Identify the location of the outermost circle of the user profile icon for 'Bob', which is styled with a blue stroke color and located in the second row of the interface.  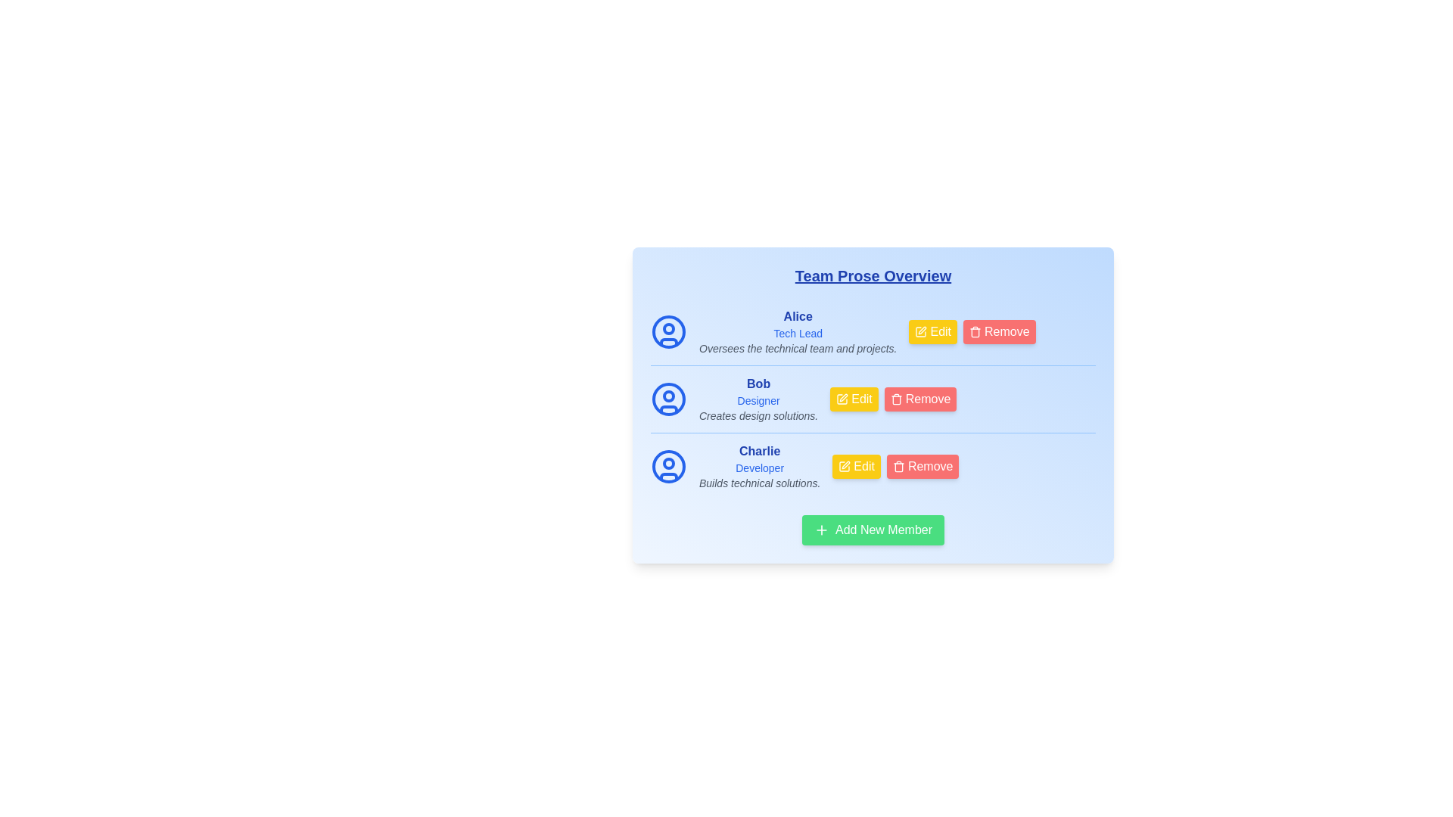
(667, 399).